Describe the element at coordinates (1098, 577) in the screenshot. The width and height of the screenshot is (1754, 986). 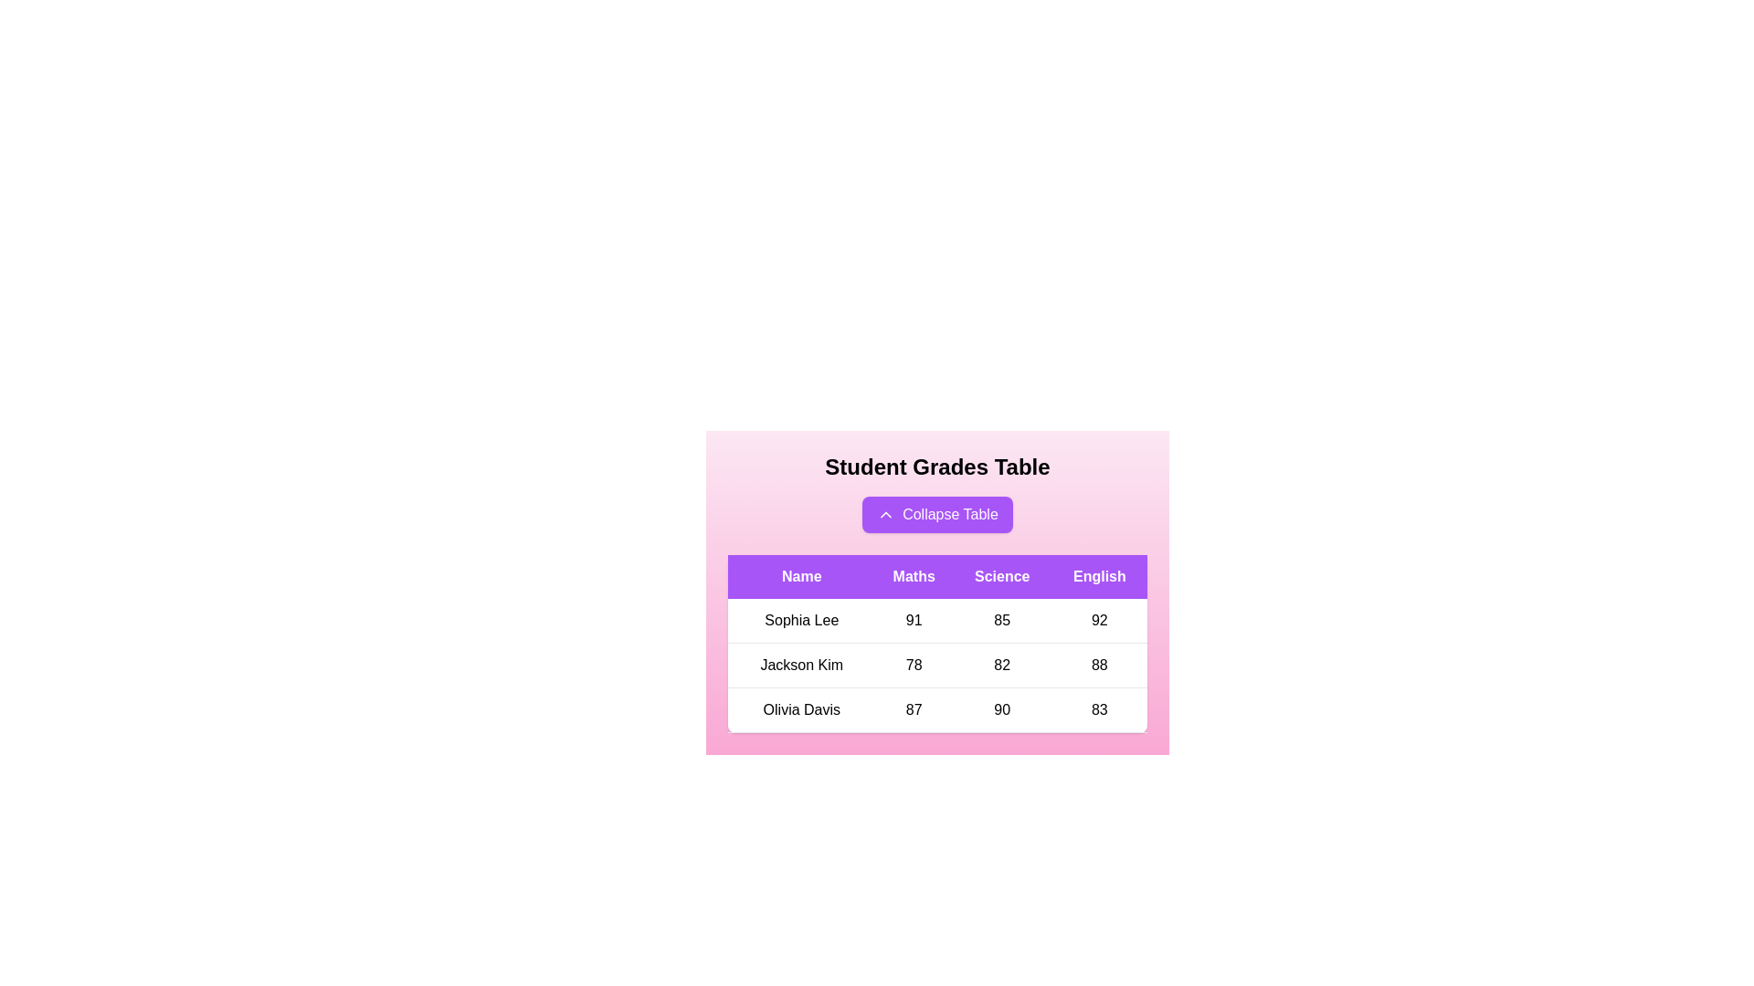
I see `the header English to sort the table by that column` at that location.